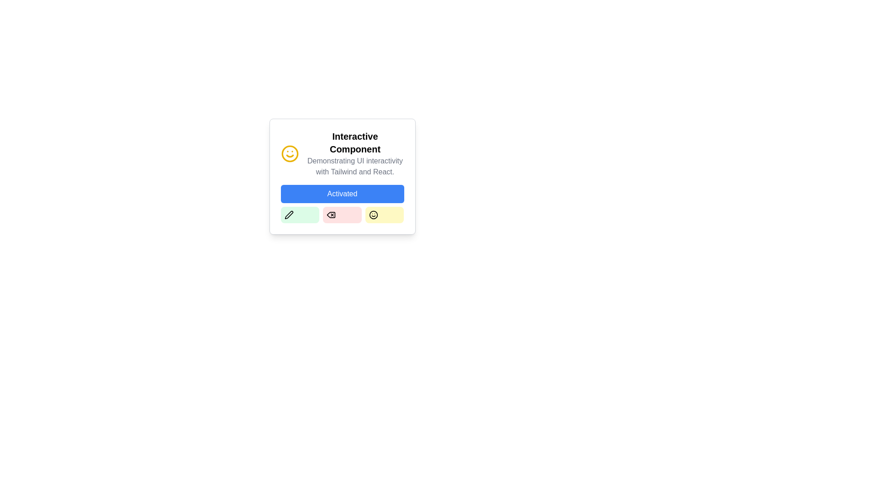 Image resolution: width=877 pixels, height=493 pixels. What do you see at coordinates (342, 215) in the screenshot?
I see `any cell in the horizontal grid layout located below the prominent blue button labeled 'Activated'` at bounding box center [342, 215].